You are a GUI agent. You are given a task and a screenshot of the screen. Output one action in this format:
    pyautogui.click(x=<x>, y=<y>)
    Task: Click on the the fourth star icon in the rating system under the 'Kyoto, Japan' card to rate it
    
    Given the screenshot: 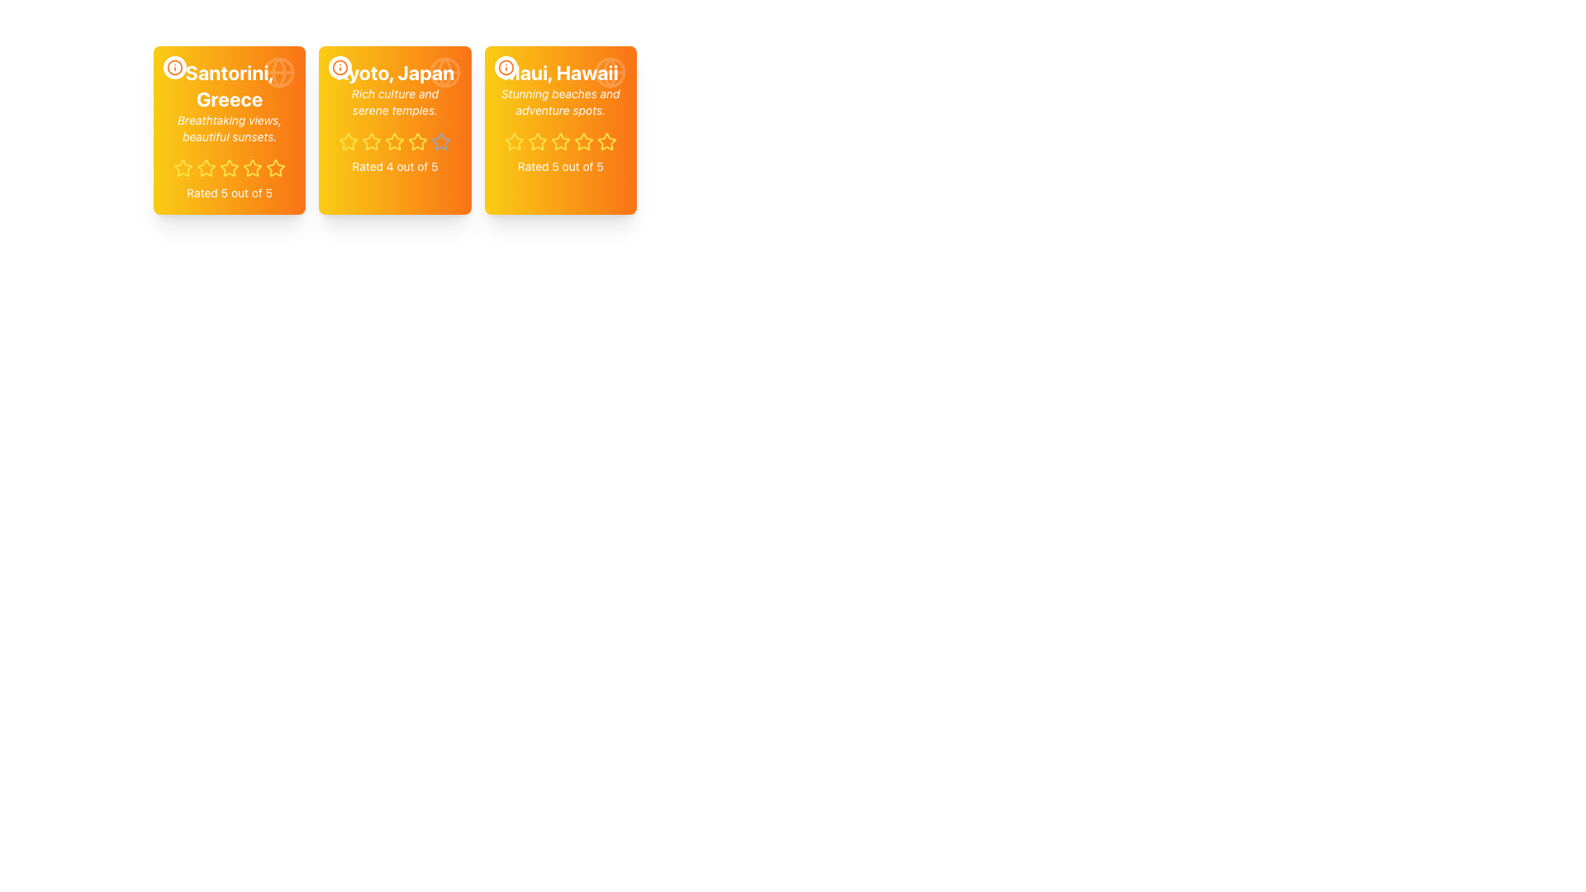 What is the action you would take?
    pyautogui.click(x=441, y=140)
    